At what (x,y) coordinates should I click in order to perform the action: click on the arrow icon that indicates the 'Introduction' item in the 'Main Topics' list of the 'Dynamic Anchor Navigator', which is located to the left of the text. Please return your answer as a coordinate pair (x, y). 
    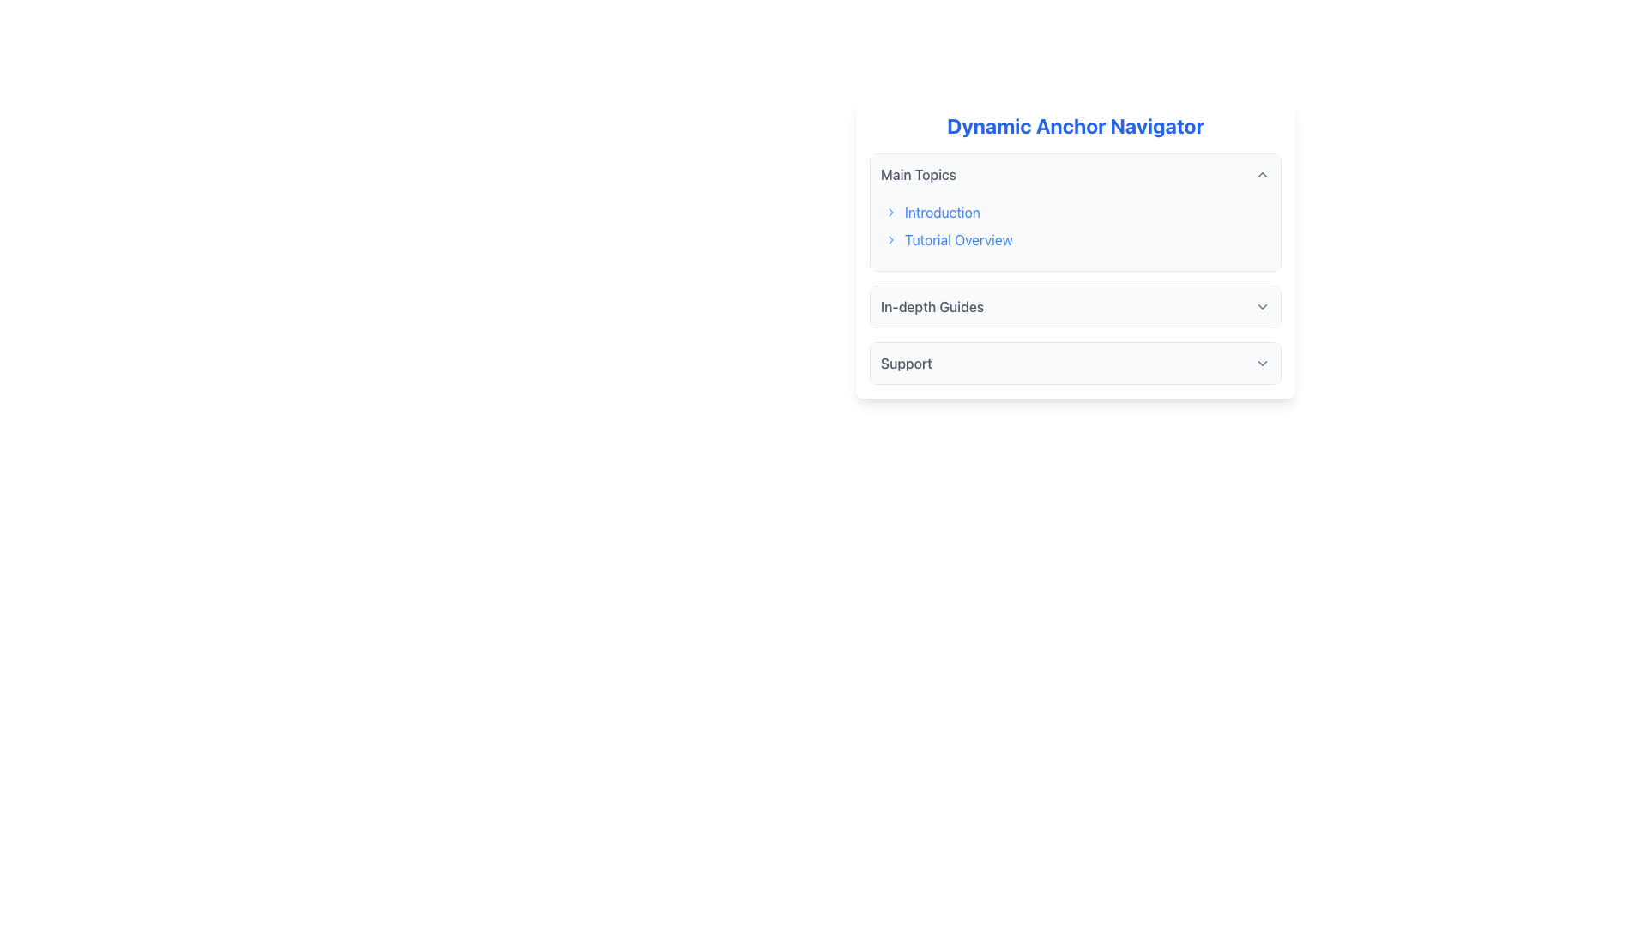
    Looking at the image, I should click on (890, 211).